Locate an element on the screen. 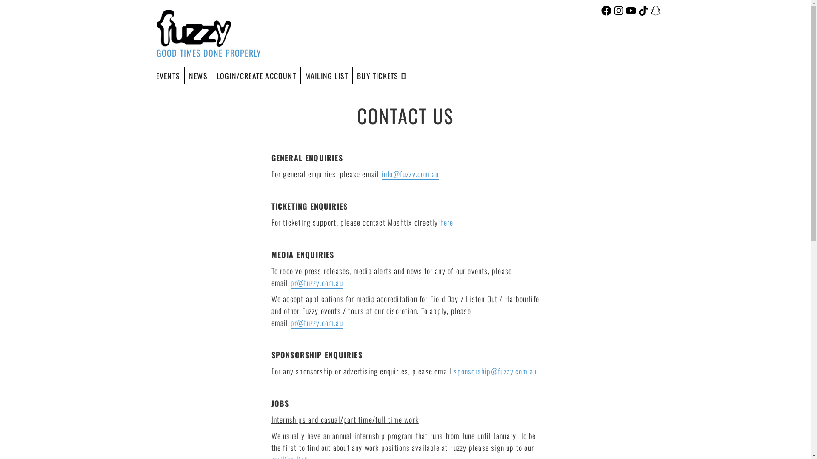 The width and height of the screenshot is (817, 459). 'info@fuzzy.com.au' is located at coordinates (381, 173).